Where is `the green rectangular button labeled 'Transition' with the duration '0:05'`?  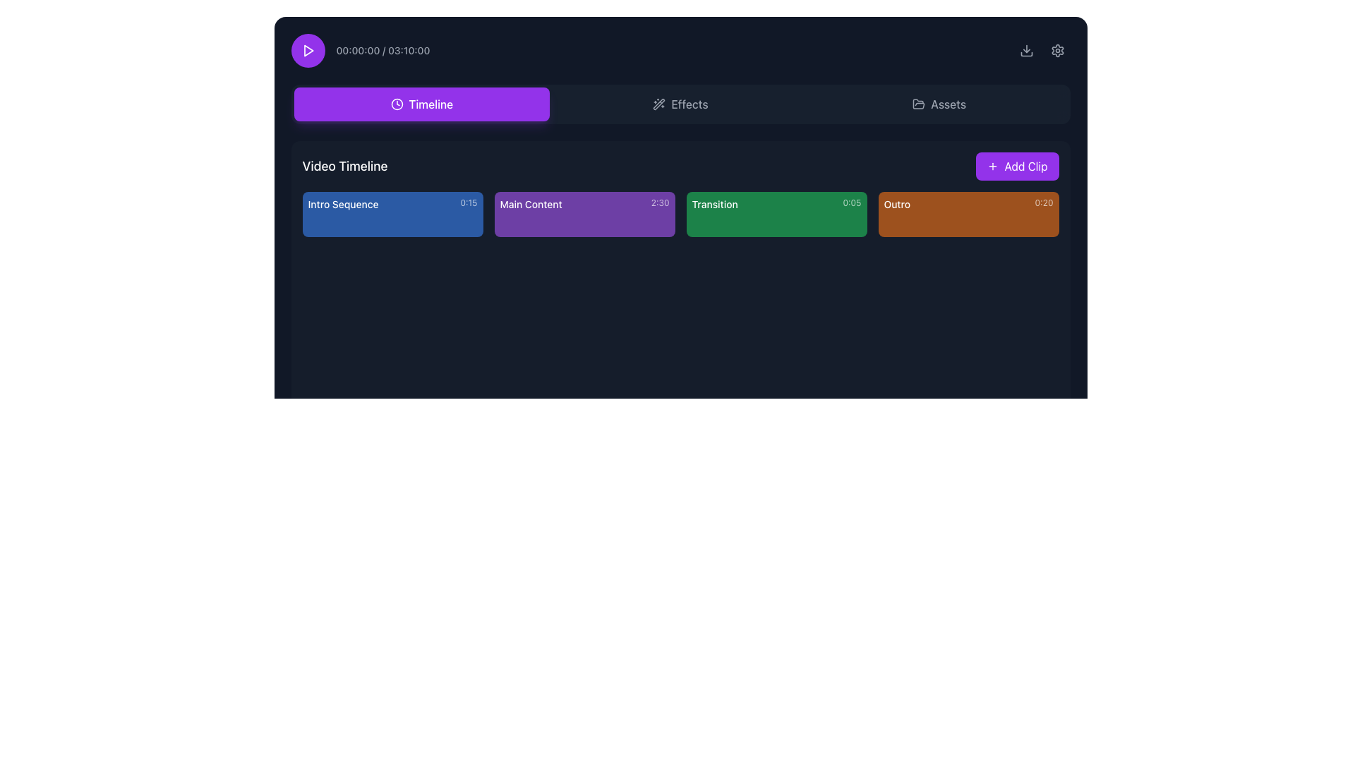
the green rectangular button labeled 'Transition' with the duration '0:05' is located at coordinates (776, 214).